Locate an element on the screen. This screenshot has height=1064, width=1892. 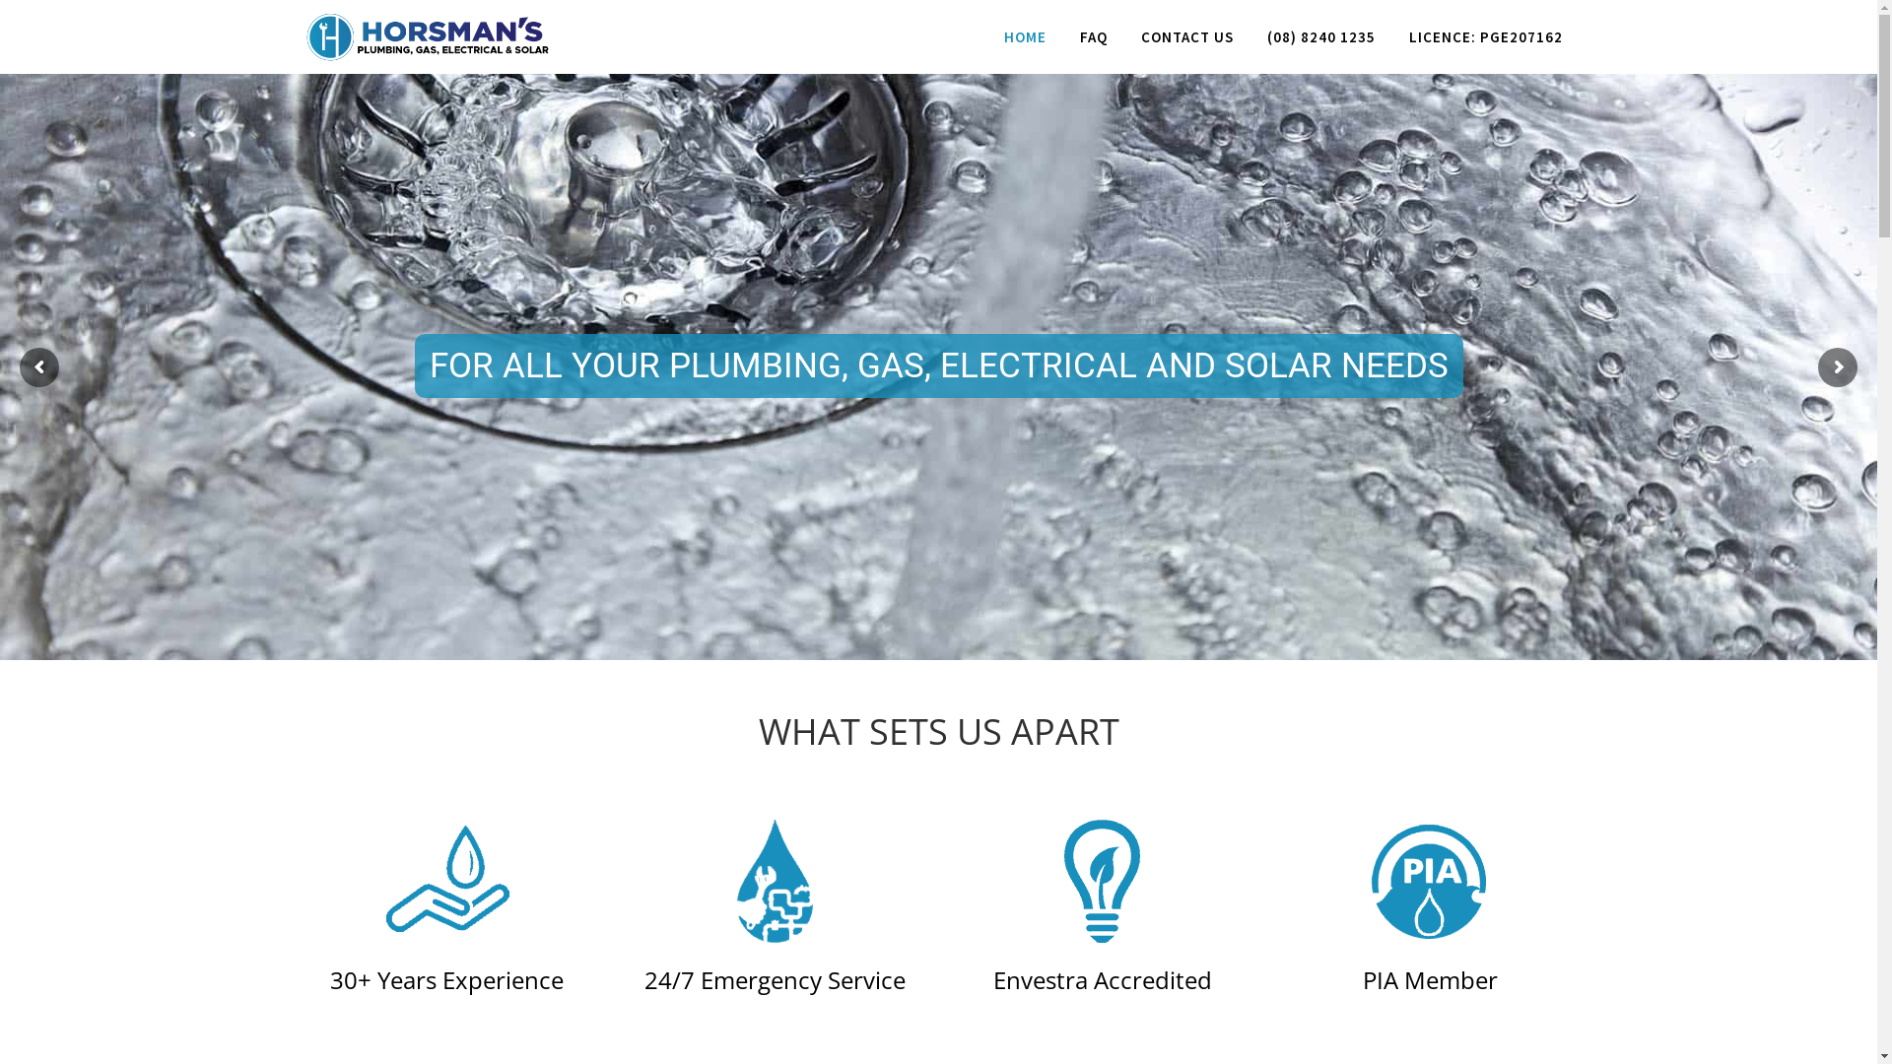
'HOME' is located at coordinates (1025, 36).